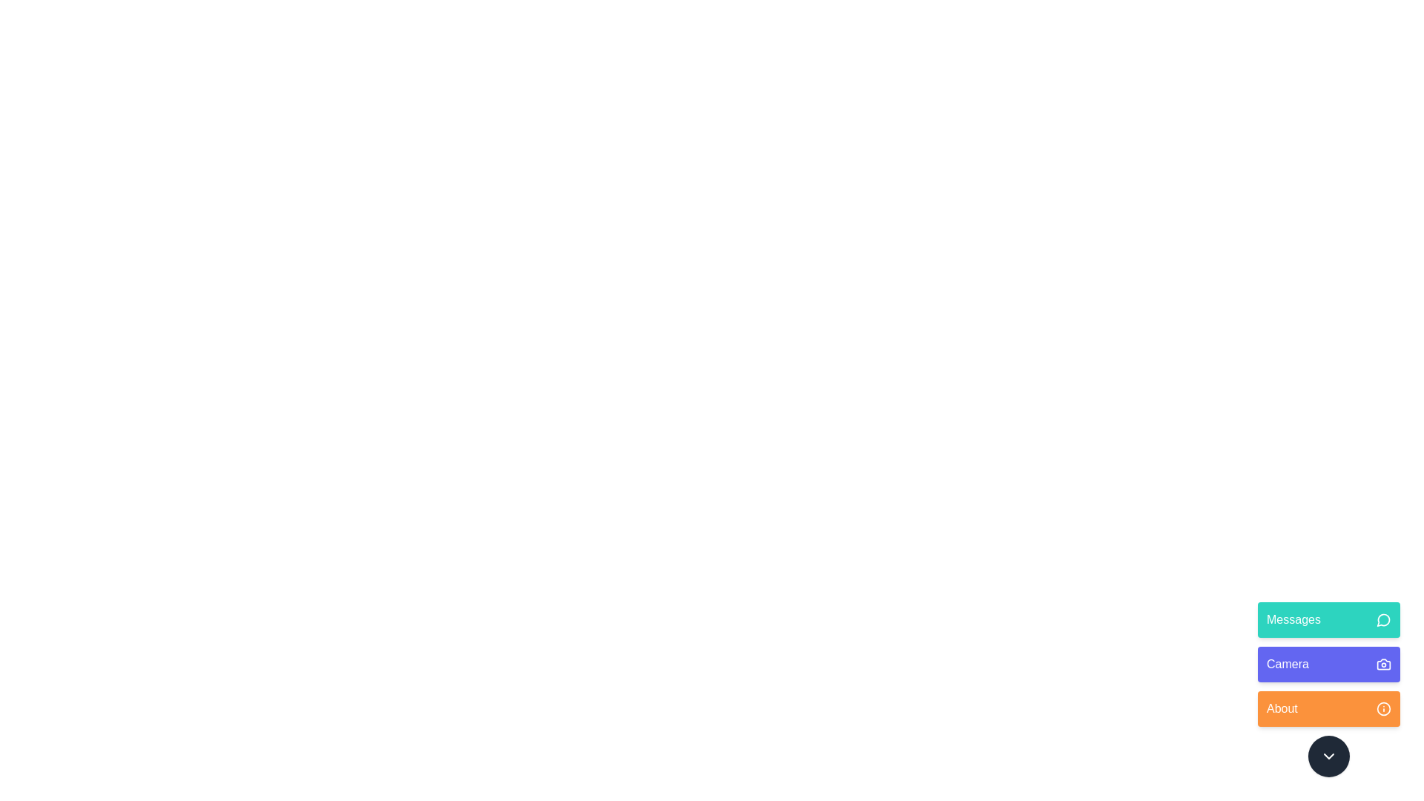  I want to click on the Camera button in the menu, so click(1328, 663).